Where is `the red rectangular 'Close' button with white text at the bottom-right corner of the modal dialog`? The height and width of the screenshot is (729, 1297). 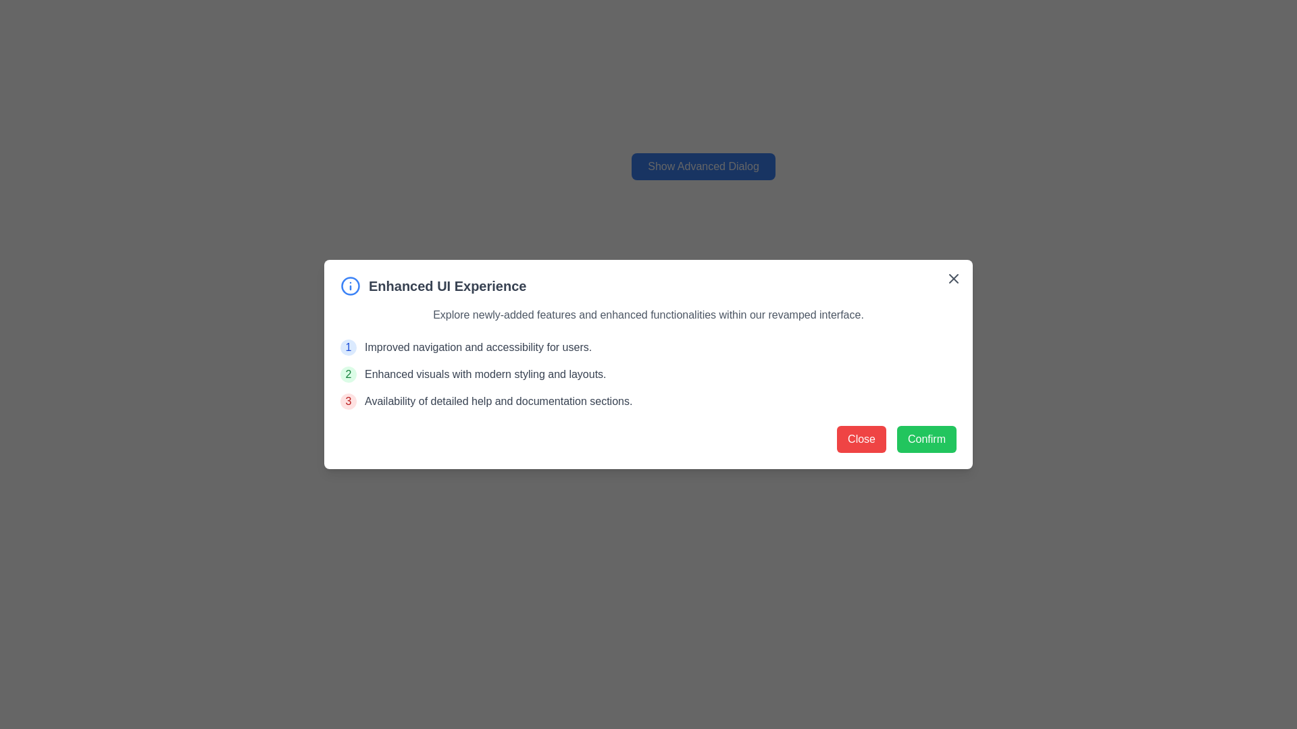
the red rectangular 'Close' button with white text at the bottom-right corner of the modal dialog is located at coordinates (861, 439).